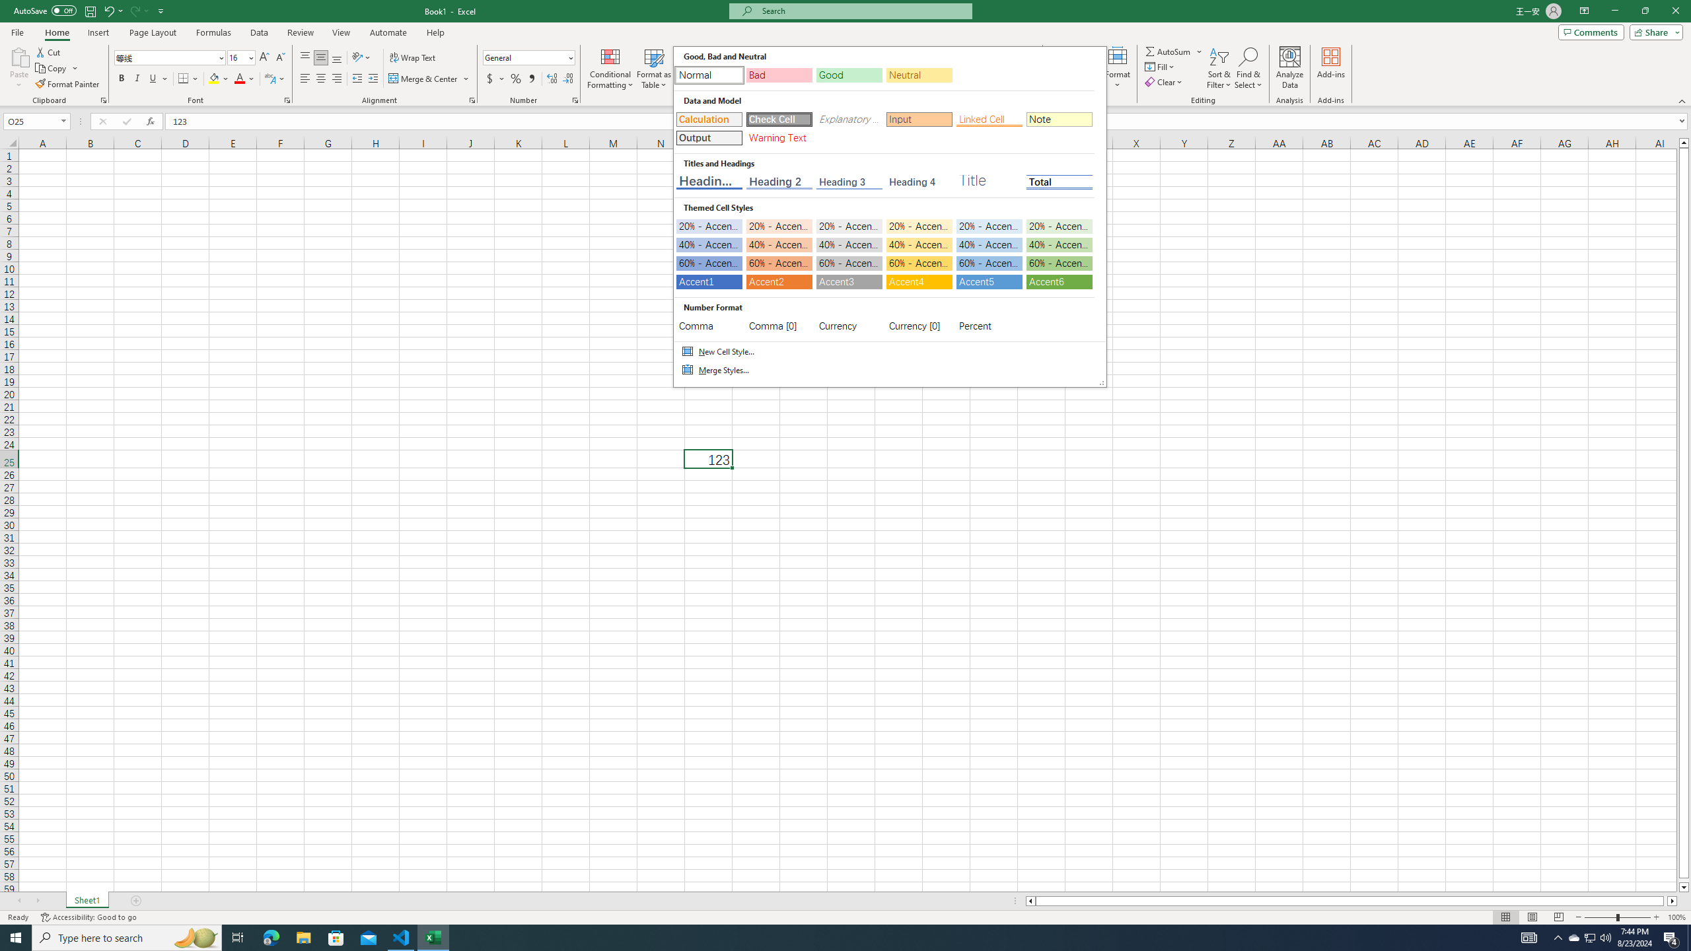  Describe the element at coordinates (170, 57) in the screenshot. I see `'Font'` at that location.